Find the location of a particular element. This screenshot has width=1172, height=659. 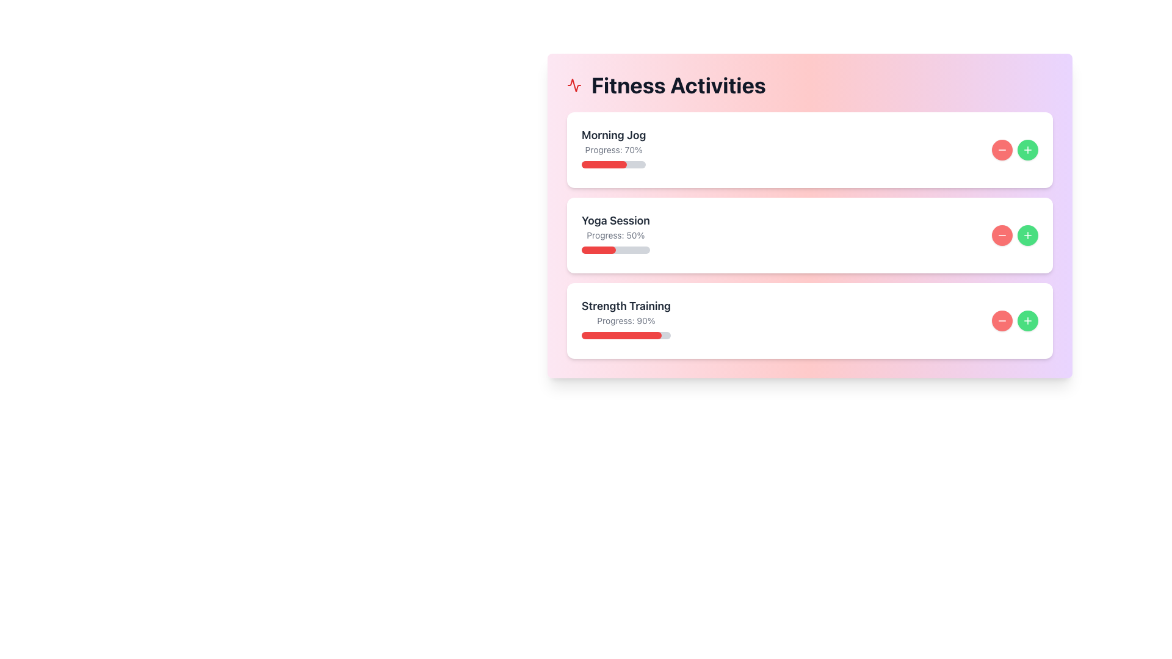

the second button in the third section of the 'Fitness Activities' card is located at coordinates (1027, 235).